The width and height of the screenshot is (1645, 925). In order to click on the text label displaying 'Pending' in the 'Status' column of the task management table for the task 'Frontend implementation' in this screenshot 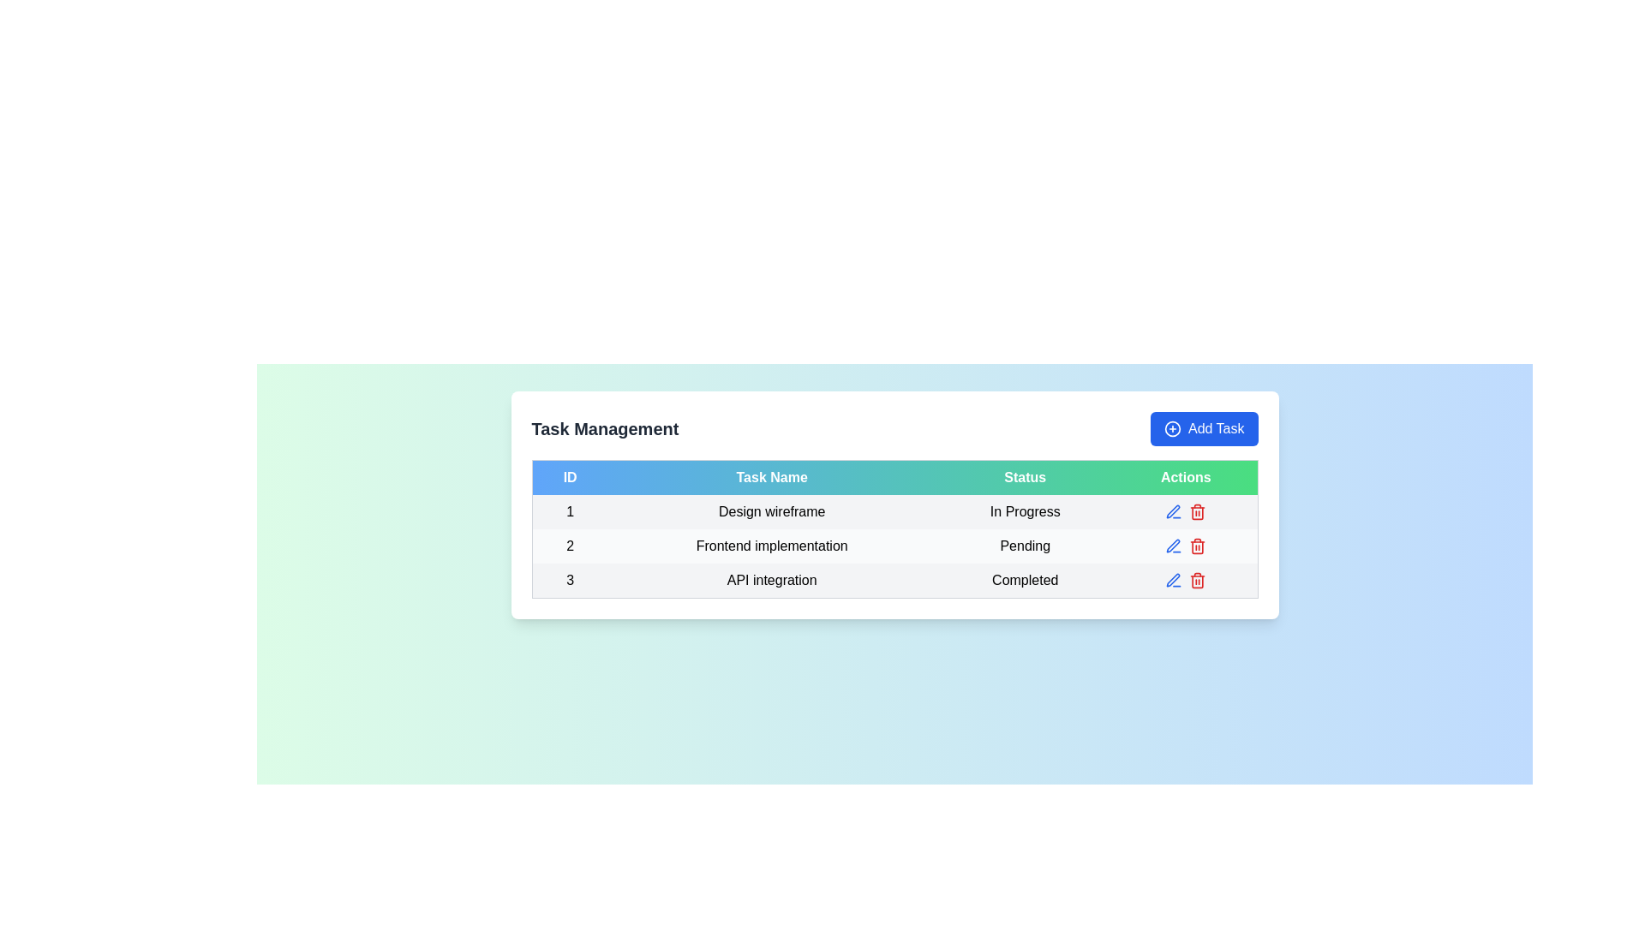, I will do `click(1025, 546)`.